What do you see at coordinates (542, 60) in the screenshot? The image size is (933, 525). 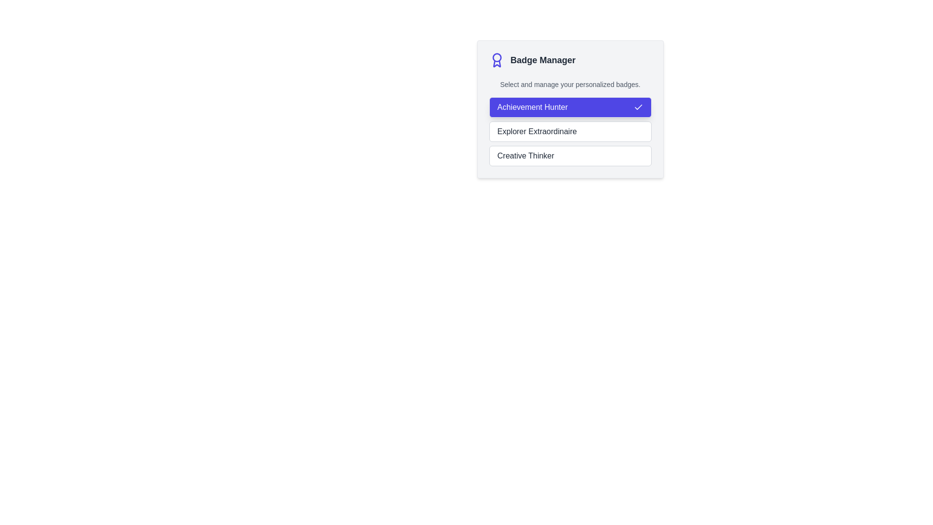 I see `the Label that serves as a title or heading for managing badges, located to the right of an award ribbon icon` at bounding box center [542, 60].